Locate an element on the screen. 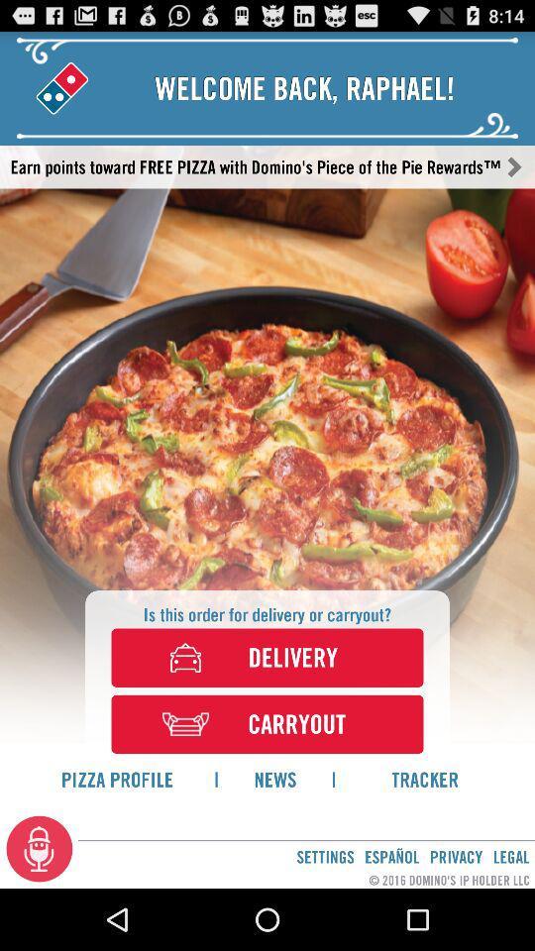 The height and width of the screenshot is (951, 535). tracker item is located at coordinates (424, 779).